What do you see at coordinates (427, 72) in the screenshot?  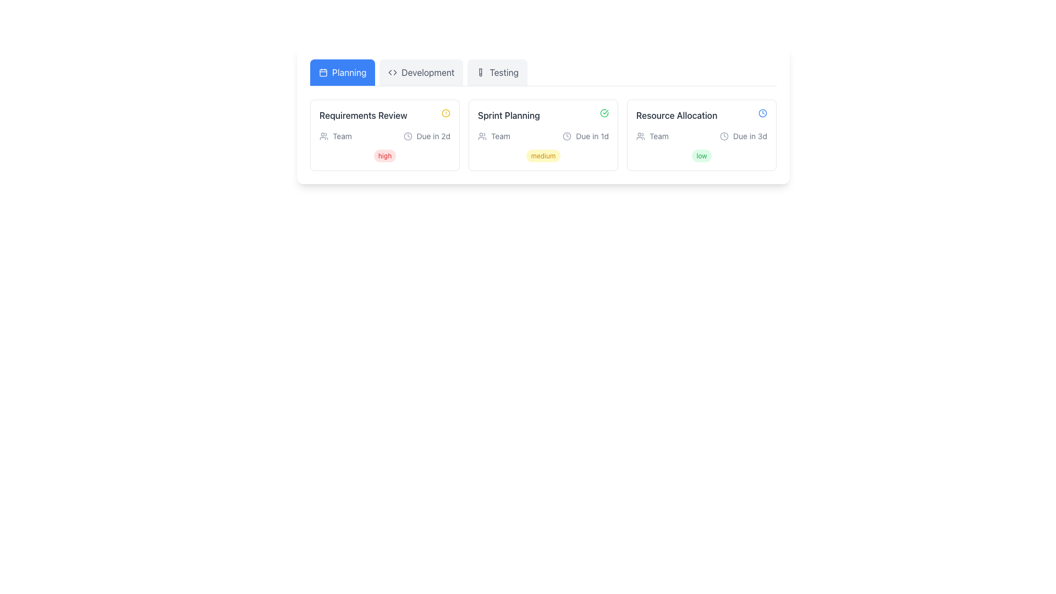 I see `the 'Development' text label in the navigation bar` at bounding box center [427, 72].